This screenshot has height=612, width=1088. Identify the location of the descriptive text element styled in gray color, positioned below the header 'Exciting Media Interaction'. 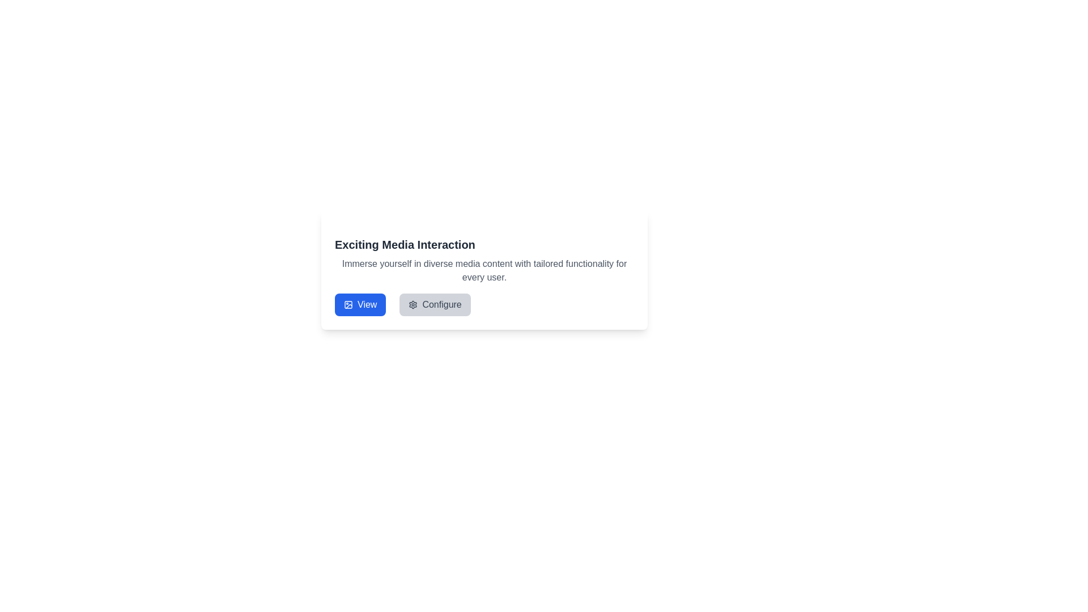
(484, 271).